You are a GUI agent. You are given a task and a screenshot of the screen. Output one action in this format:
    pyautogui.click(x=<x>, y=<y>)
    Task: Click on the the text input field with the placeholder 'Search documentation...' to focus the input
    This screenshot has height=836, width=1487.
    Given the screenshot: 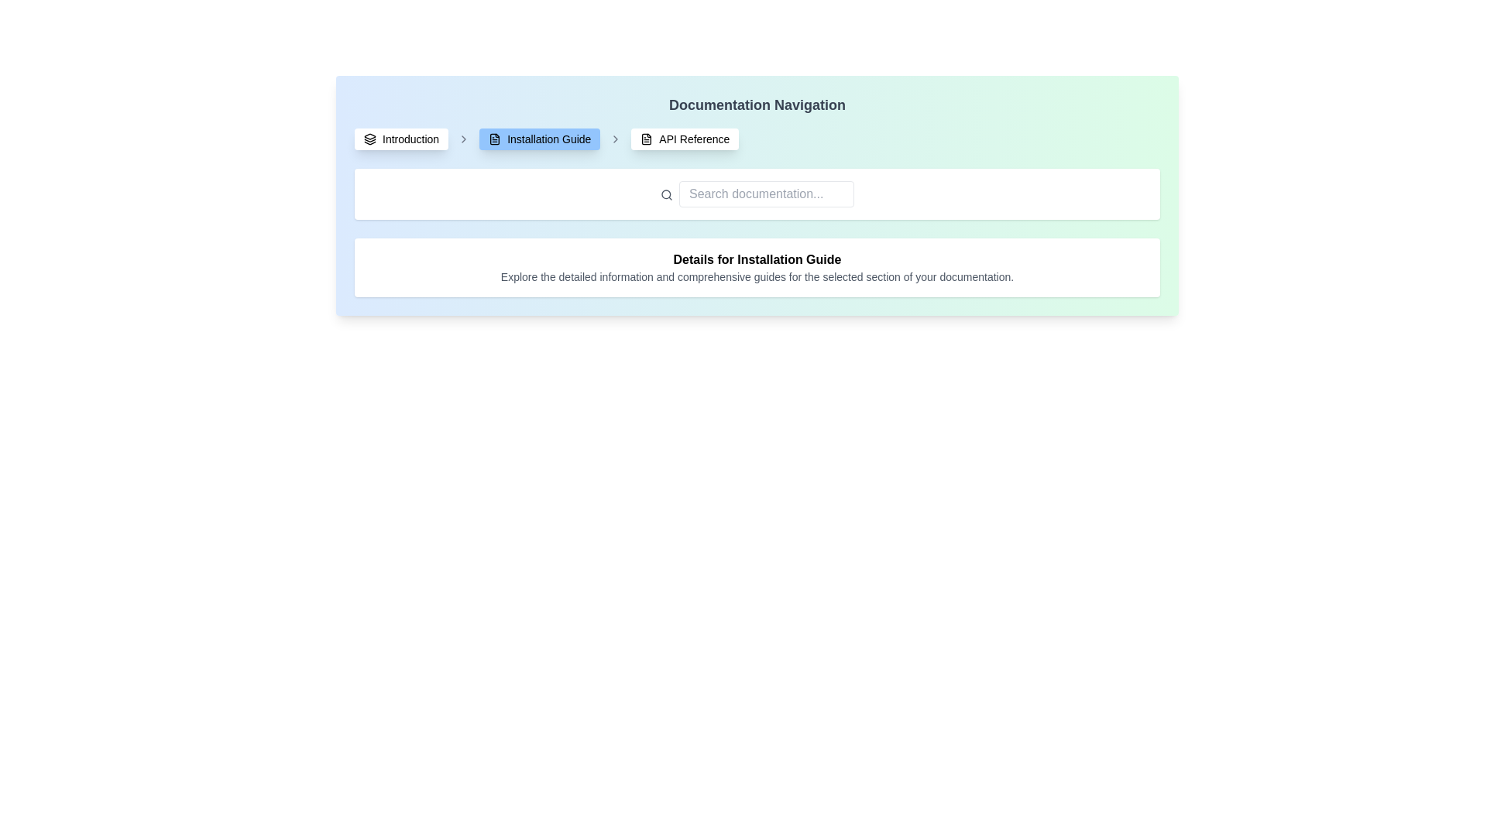 What is the action you would take?
    pyautogui.click(x=766, y=193)
    